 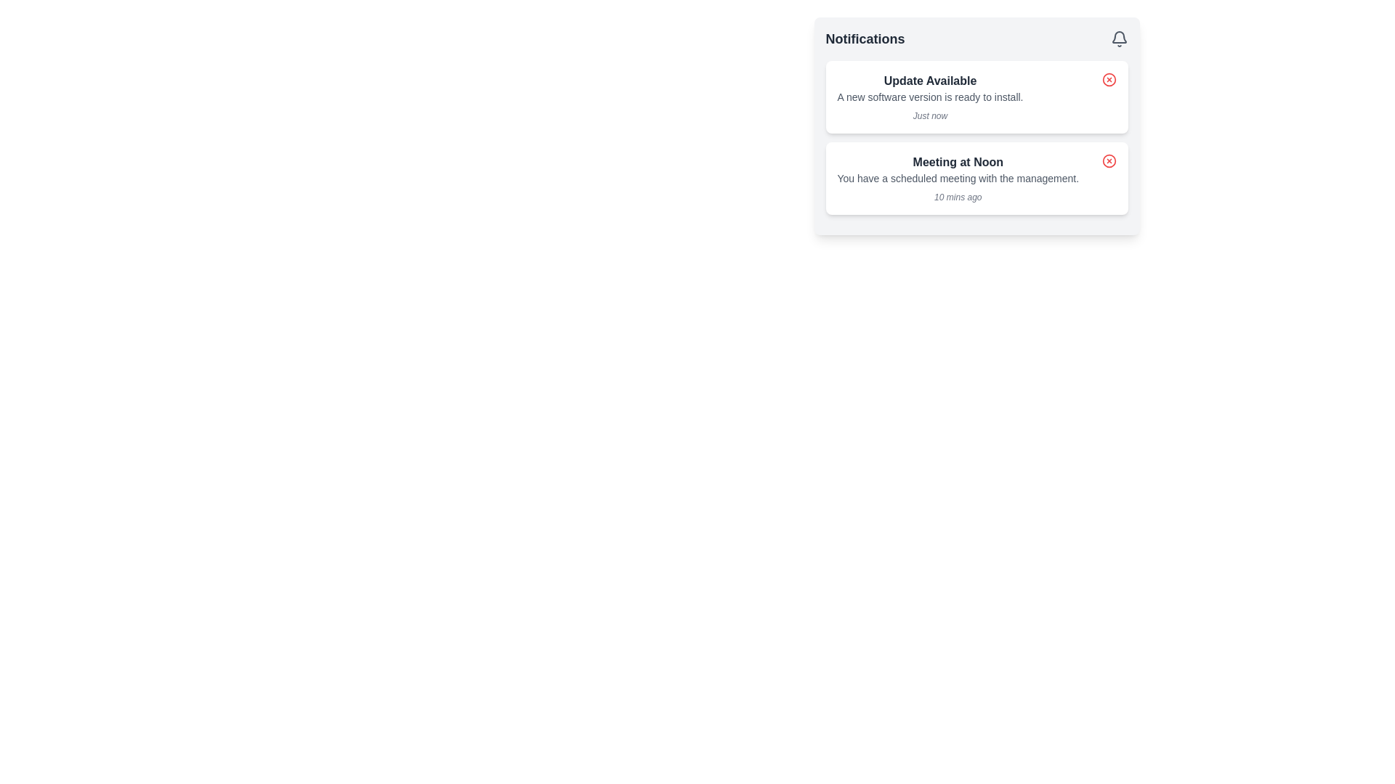 What do you see at coordinates (958, 162) in the screenshot?
I see `the 'Meeting at Noon' text label, which is styled in bold dark gray and located centrally in the second notification card under the 'Notifications' header` at bounding box center [958, 162].